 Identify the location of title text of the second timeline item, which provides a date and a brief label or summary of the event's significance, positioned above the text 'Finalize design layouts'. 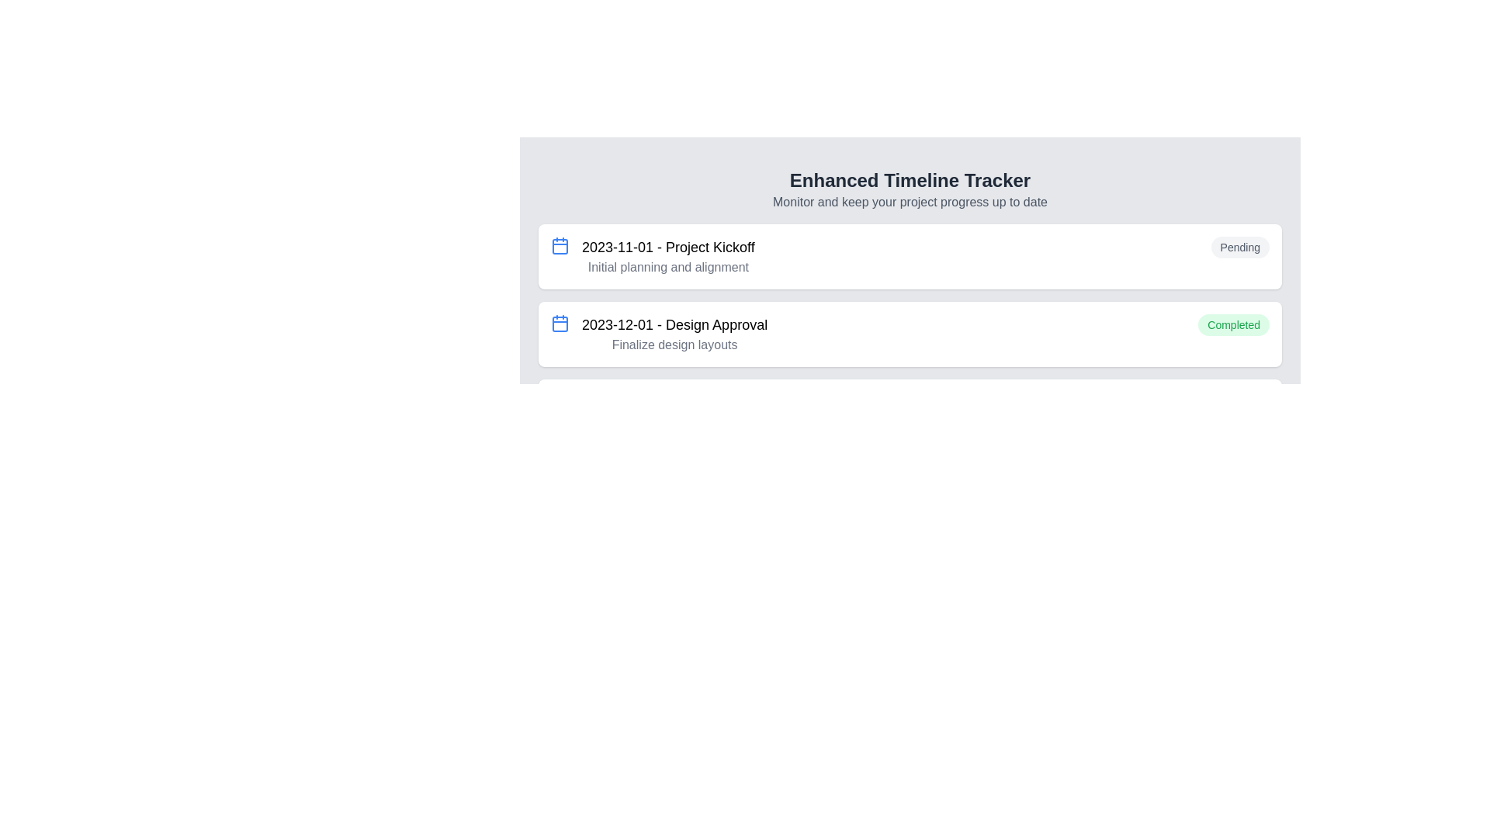
(674, 324).